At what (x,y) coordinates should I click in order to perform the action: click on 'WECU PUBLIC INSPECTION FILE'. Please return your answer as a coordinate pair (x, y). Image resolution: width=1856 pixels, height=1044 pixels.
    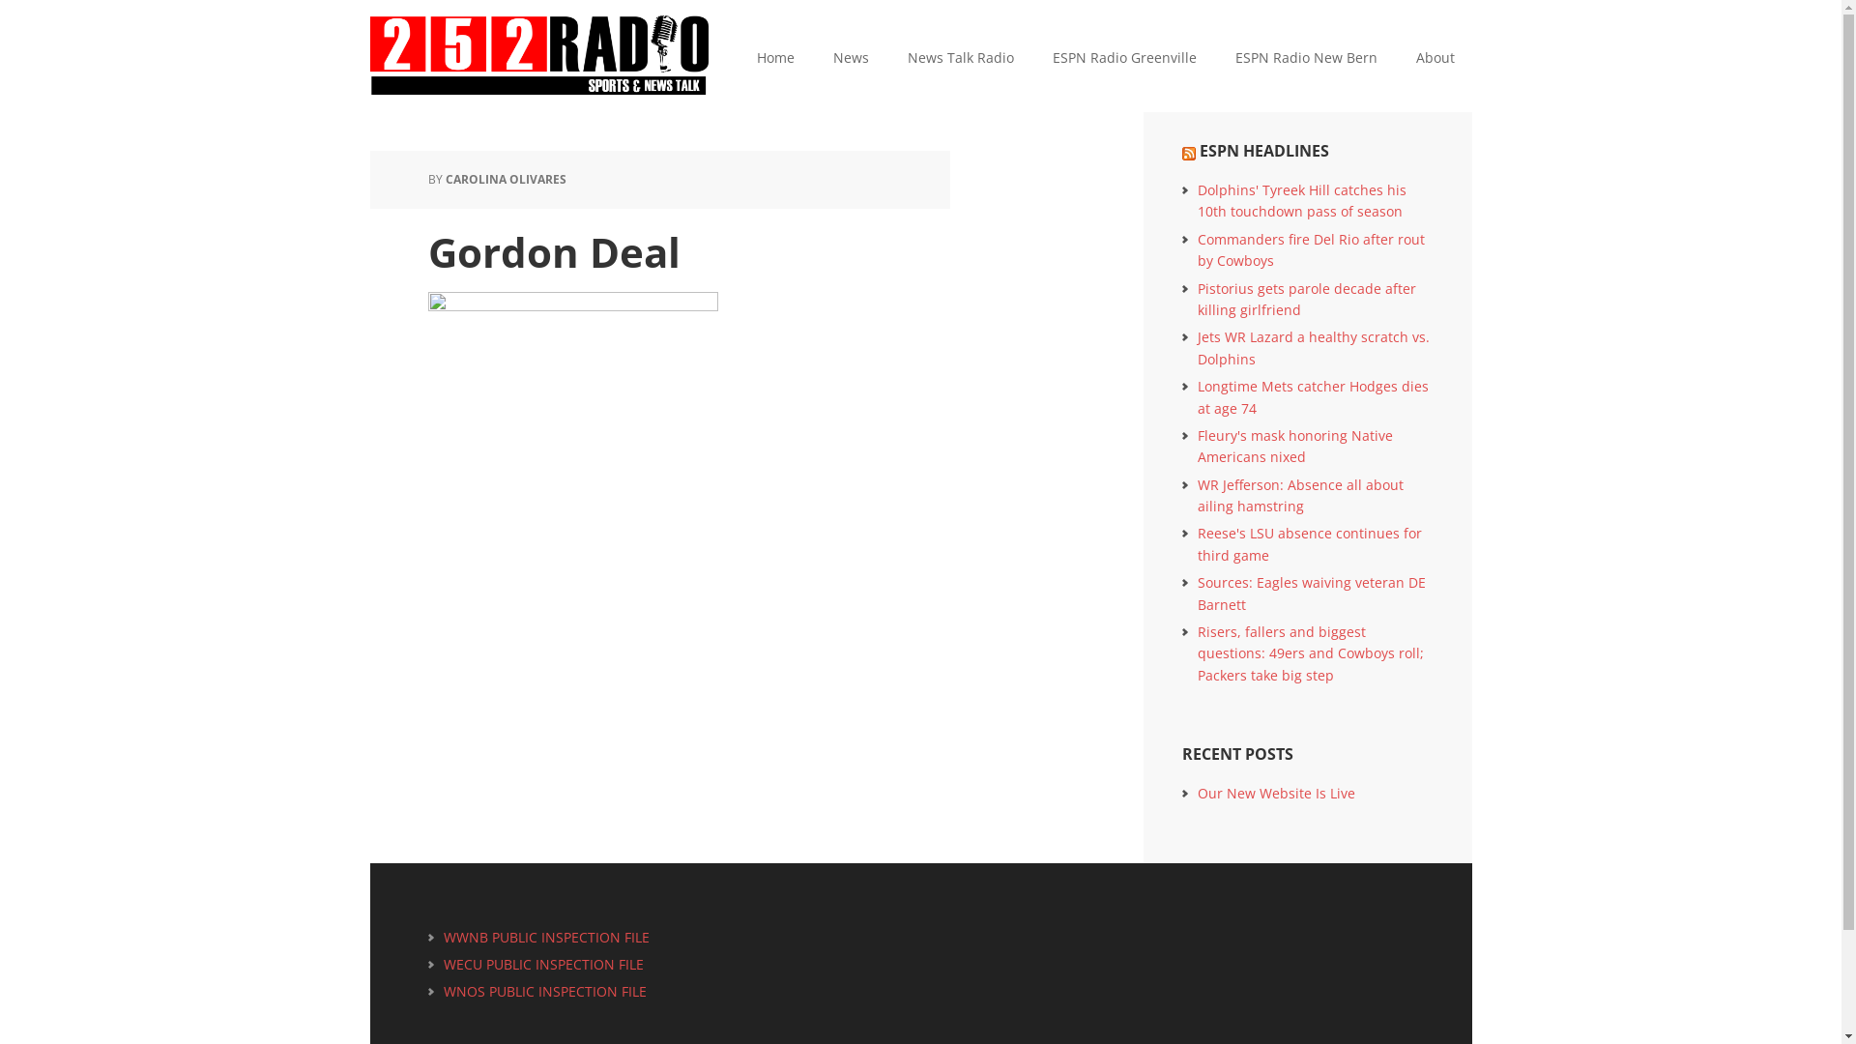
    Looking at the image, I should click on (542, 964).